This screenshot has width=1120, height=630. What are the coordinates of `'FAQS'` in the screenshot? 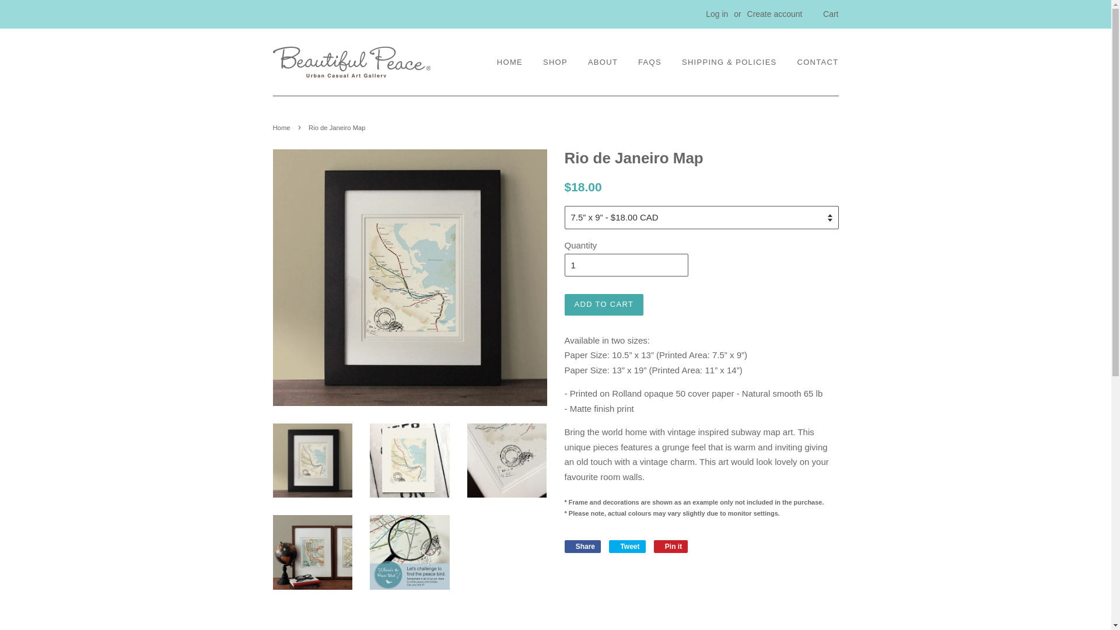 It's located at (649, 62).